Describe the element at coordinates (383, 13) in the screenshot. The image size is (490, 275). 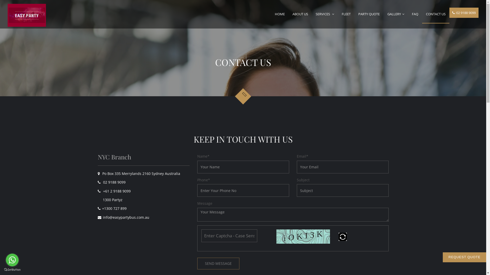
I see `'GALLERY'` at that location.